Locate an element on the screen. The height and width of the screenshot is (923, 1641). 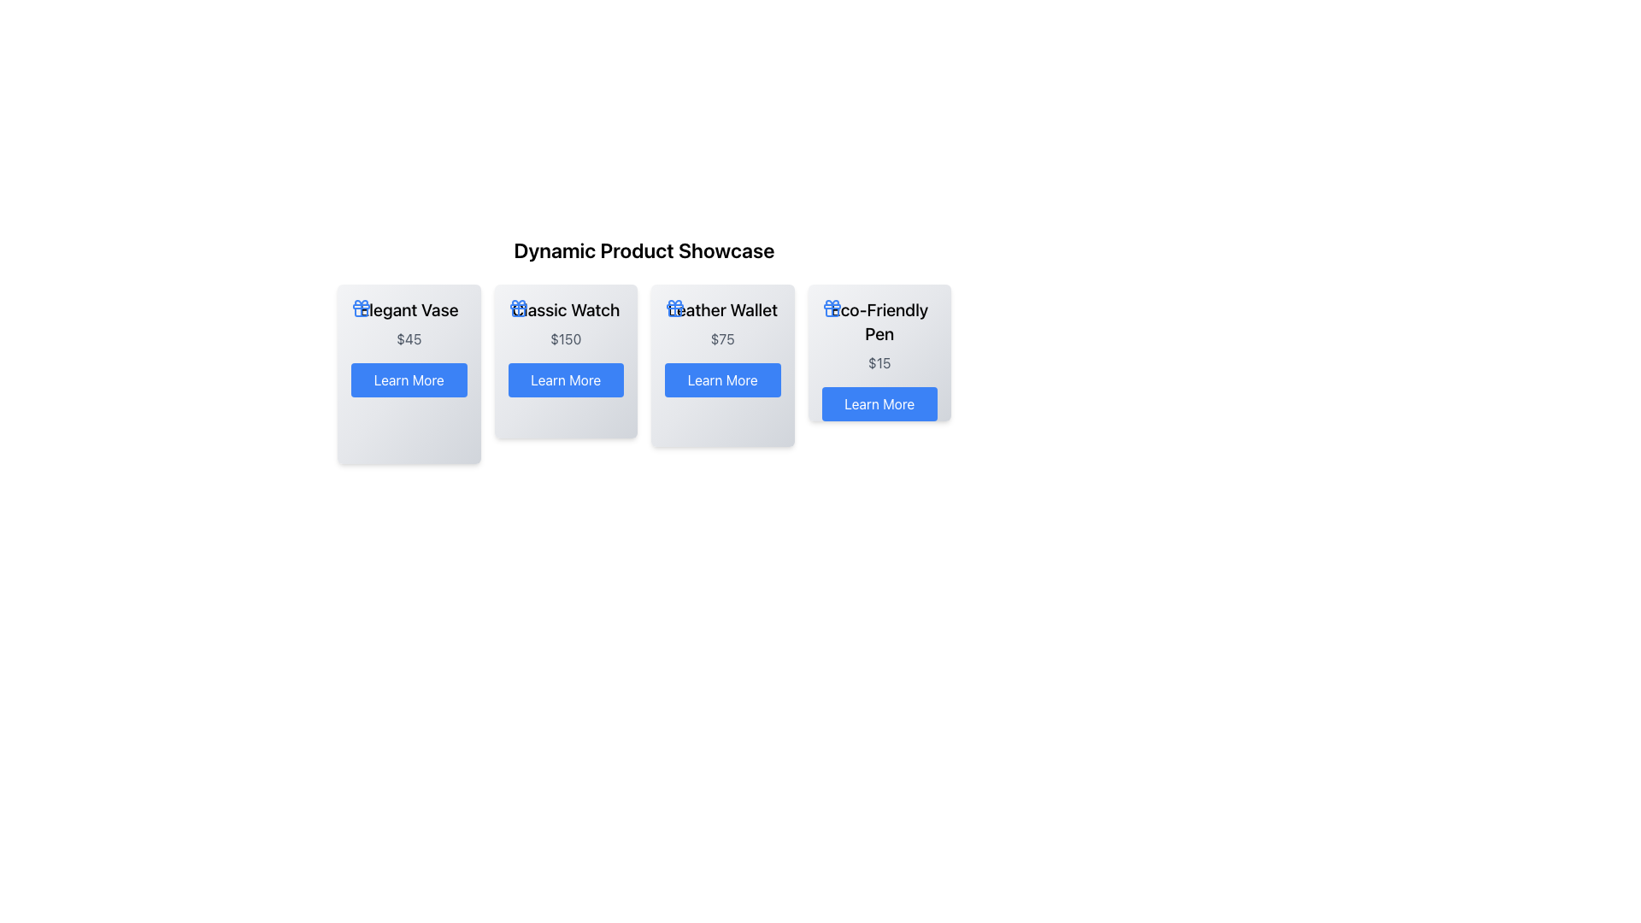
the price text label displaying the price of the product 'Leather Wallet', located in the third card from the left, below the title and above the 'Learn More' button is located at coordinates (722, 339).